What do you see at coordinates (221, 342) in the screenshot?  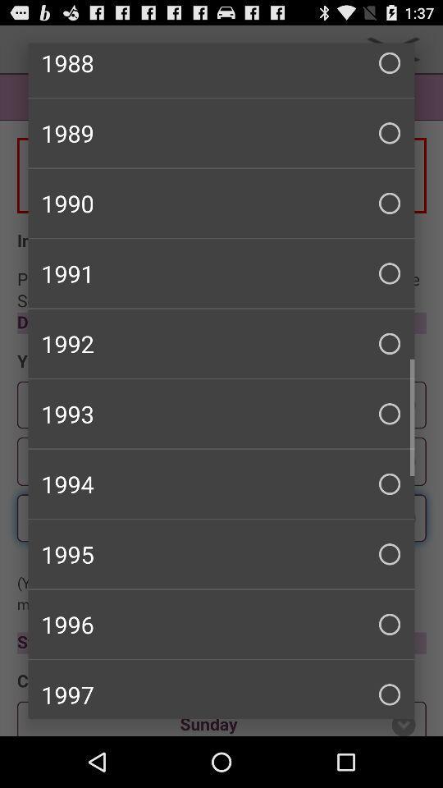 I see `the icon above 1993 checkbox` at bounding box center [221, 342].